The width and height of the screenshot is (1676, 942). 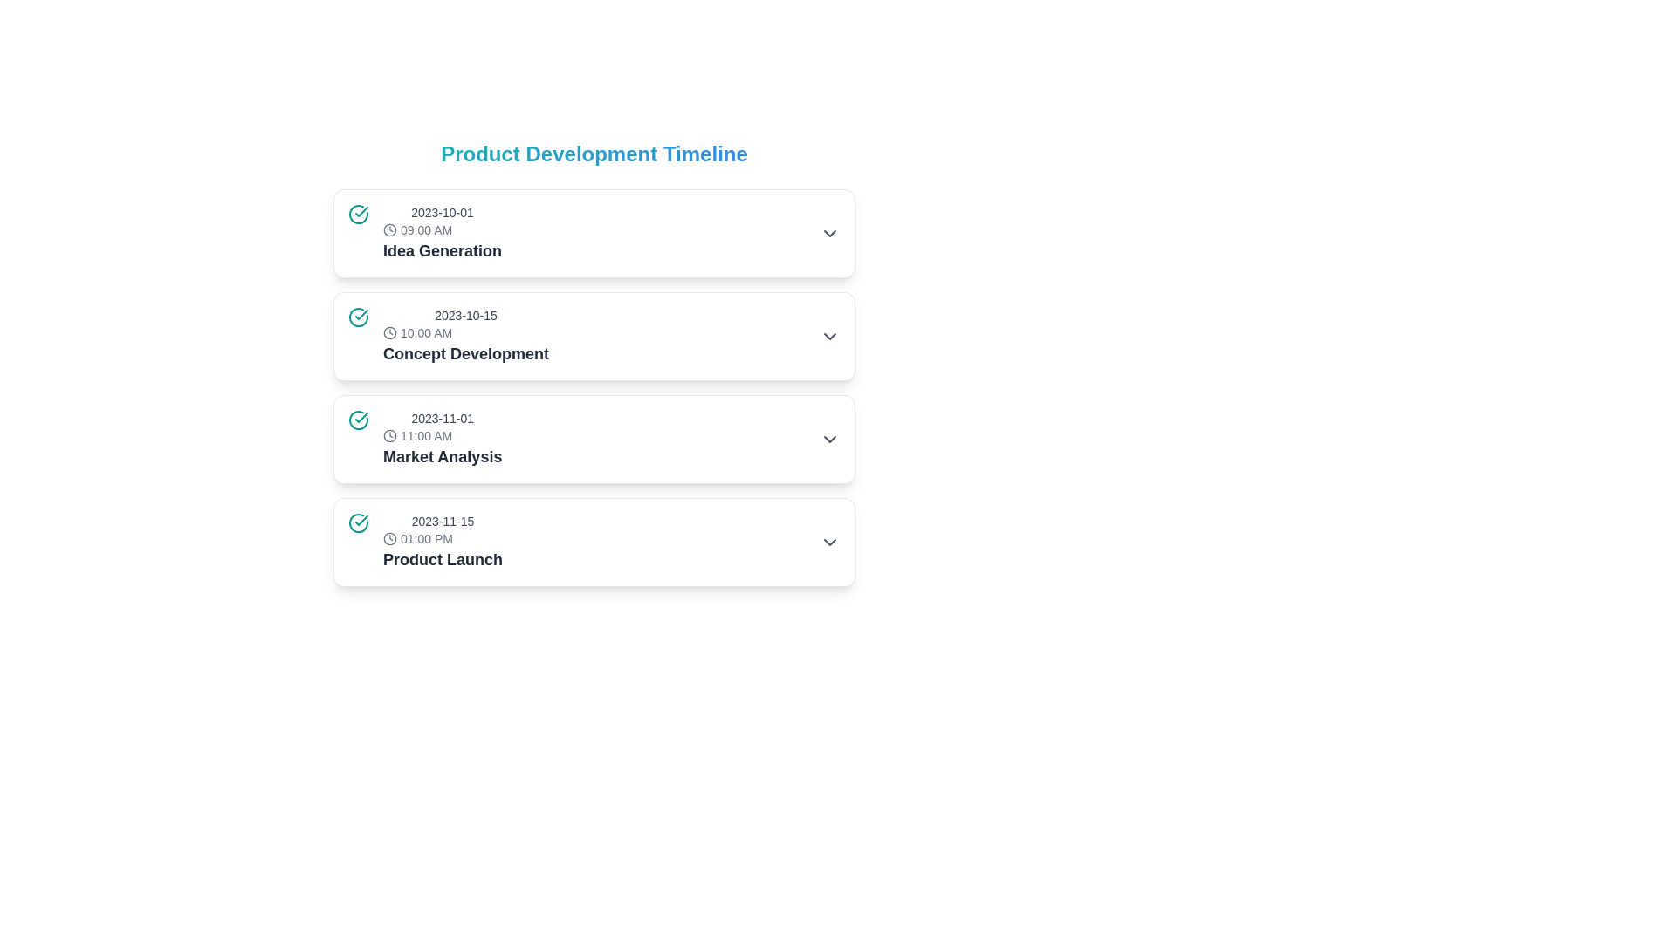 I want to click on the SVG circle component of the clock icon associated with the time display '11:00 AM' in the 'Market Analysis' section, so click(x=388, y=435).